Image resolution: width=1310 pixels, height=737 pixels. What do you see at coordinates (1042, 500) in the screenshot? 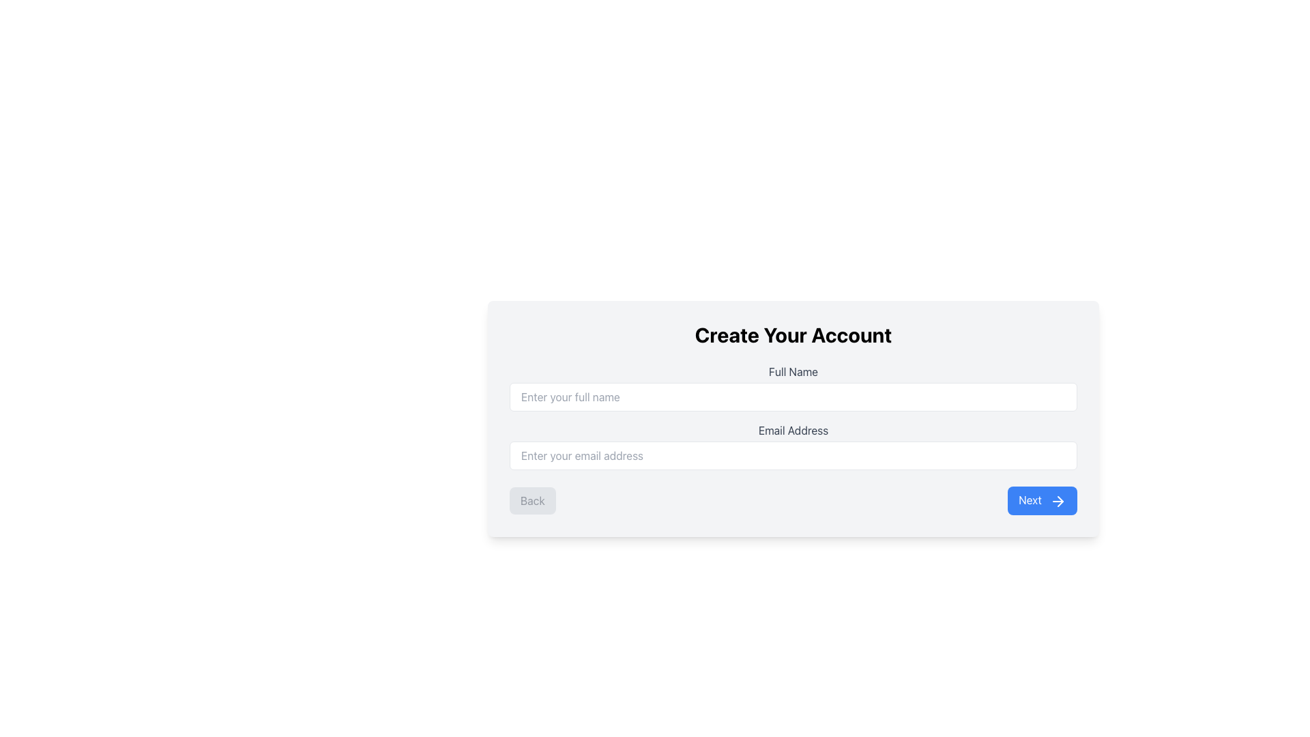
I see `the 'Proceed' button located at the bottom right corner of the 'Create Your Account' form` at bounding box center [1042, 500].